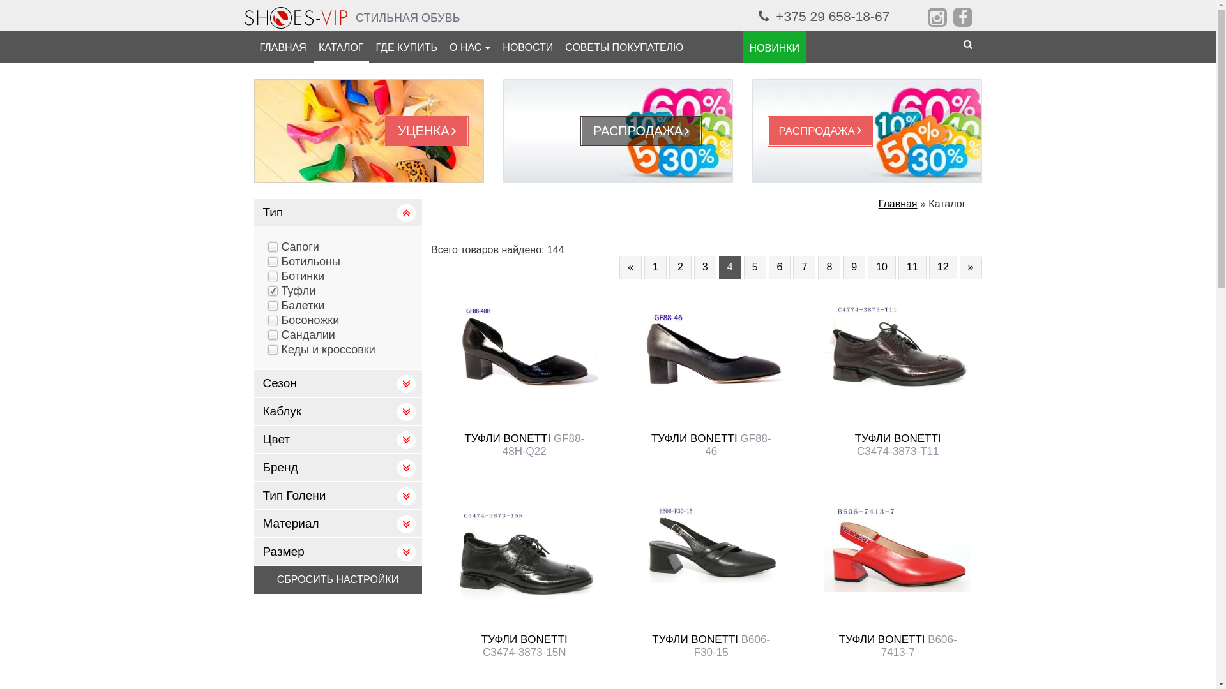 The image size is (1226, 689). I want to click on '10', so click(881, 267).